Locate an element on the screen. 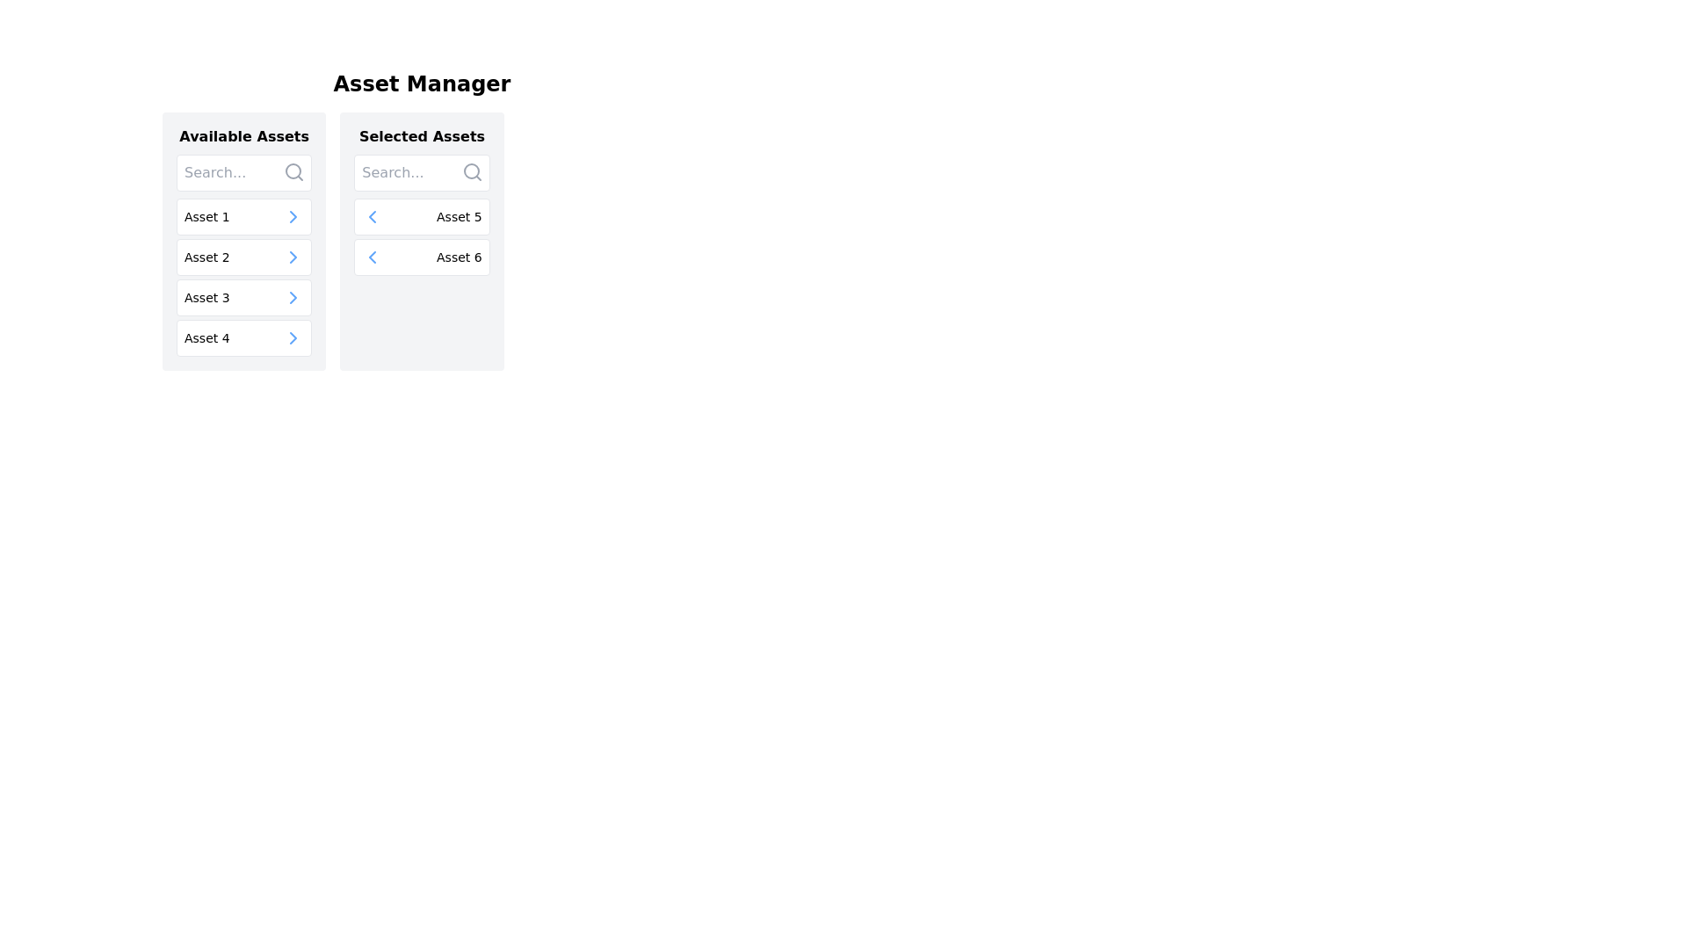 This screenshot has width=1687, height=949. the circular part of the composite search icon located on the right side of the 'Selected Assets' search bar within the upper section of the 'Selected Assets' panel is located at coordinates (471, 171).